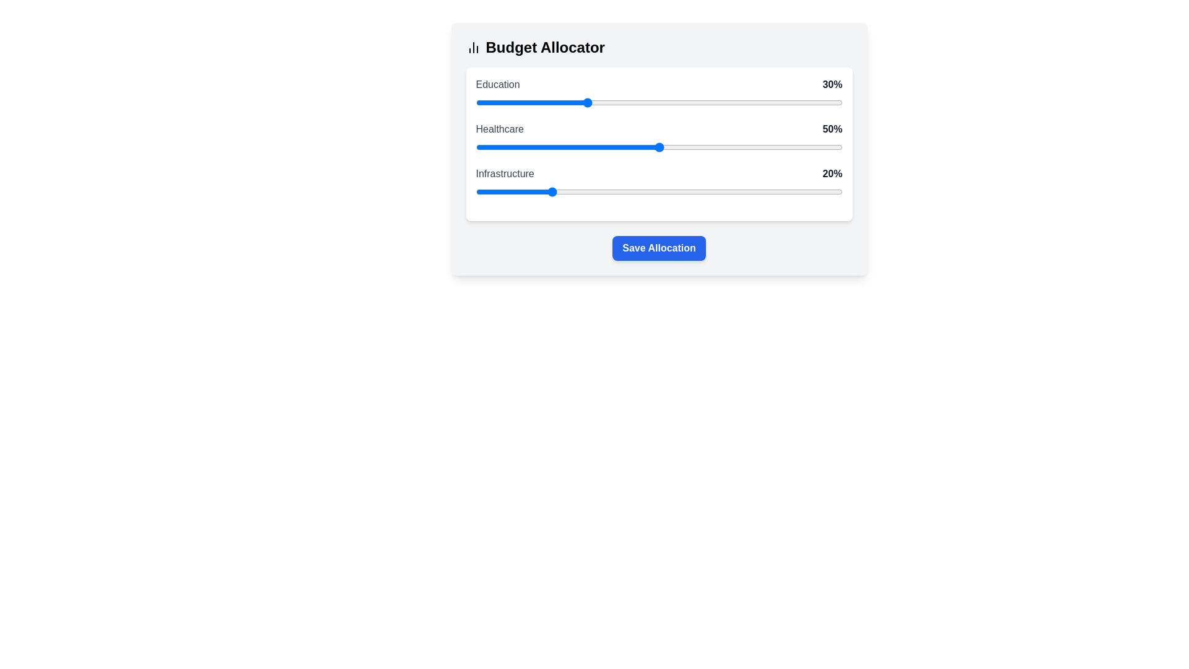  What do you see at coordinates (633, 102) in the screenshot?
I see `the education slider` at bounding box center [633, 102].